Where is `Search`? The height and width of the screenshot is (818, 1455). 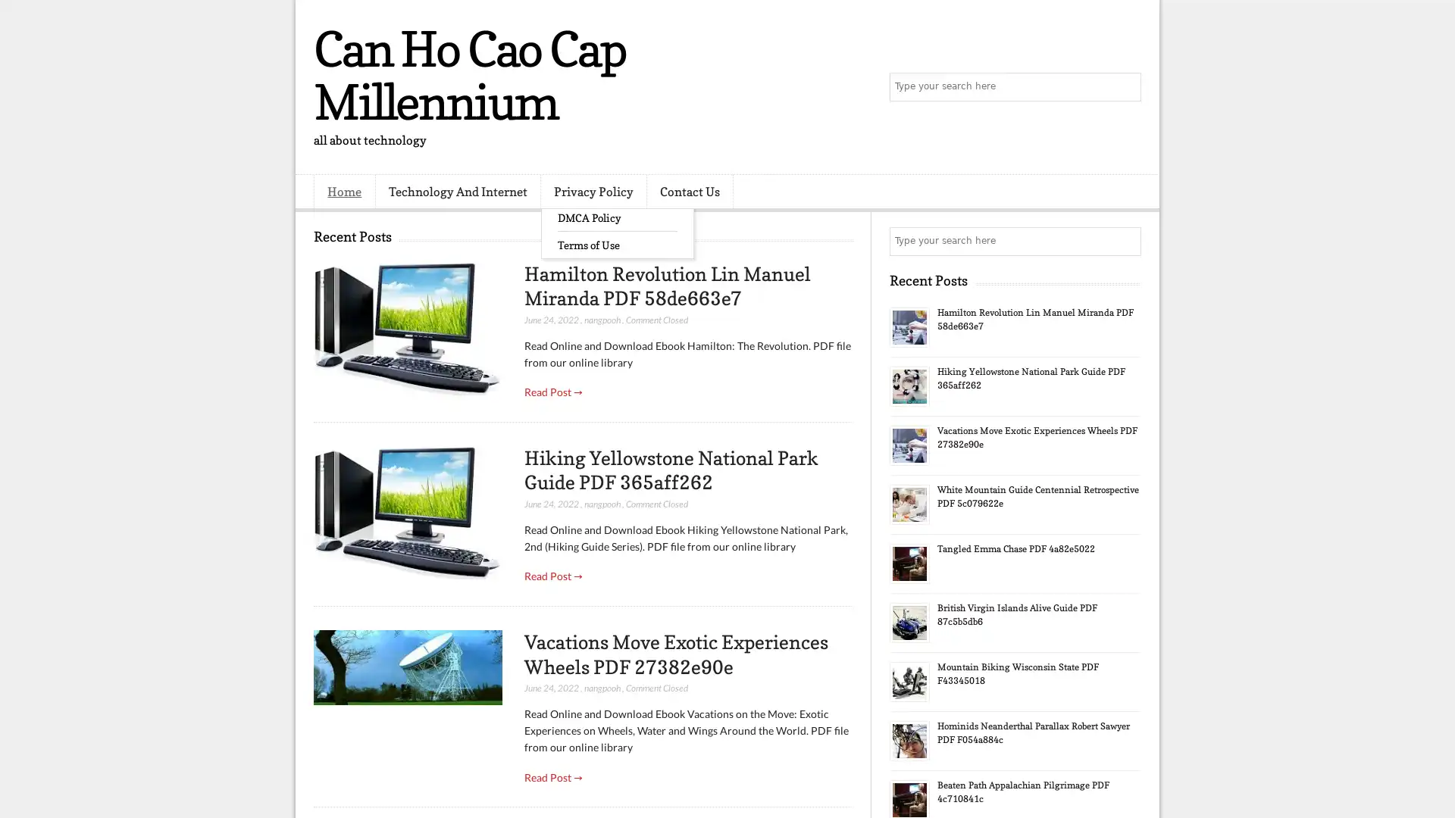 Search is located at coordinates (1125, 241).